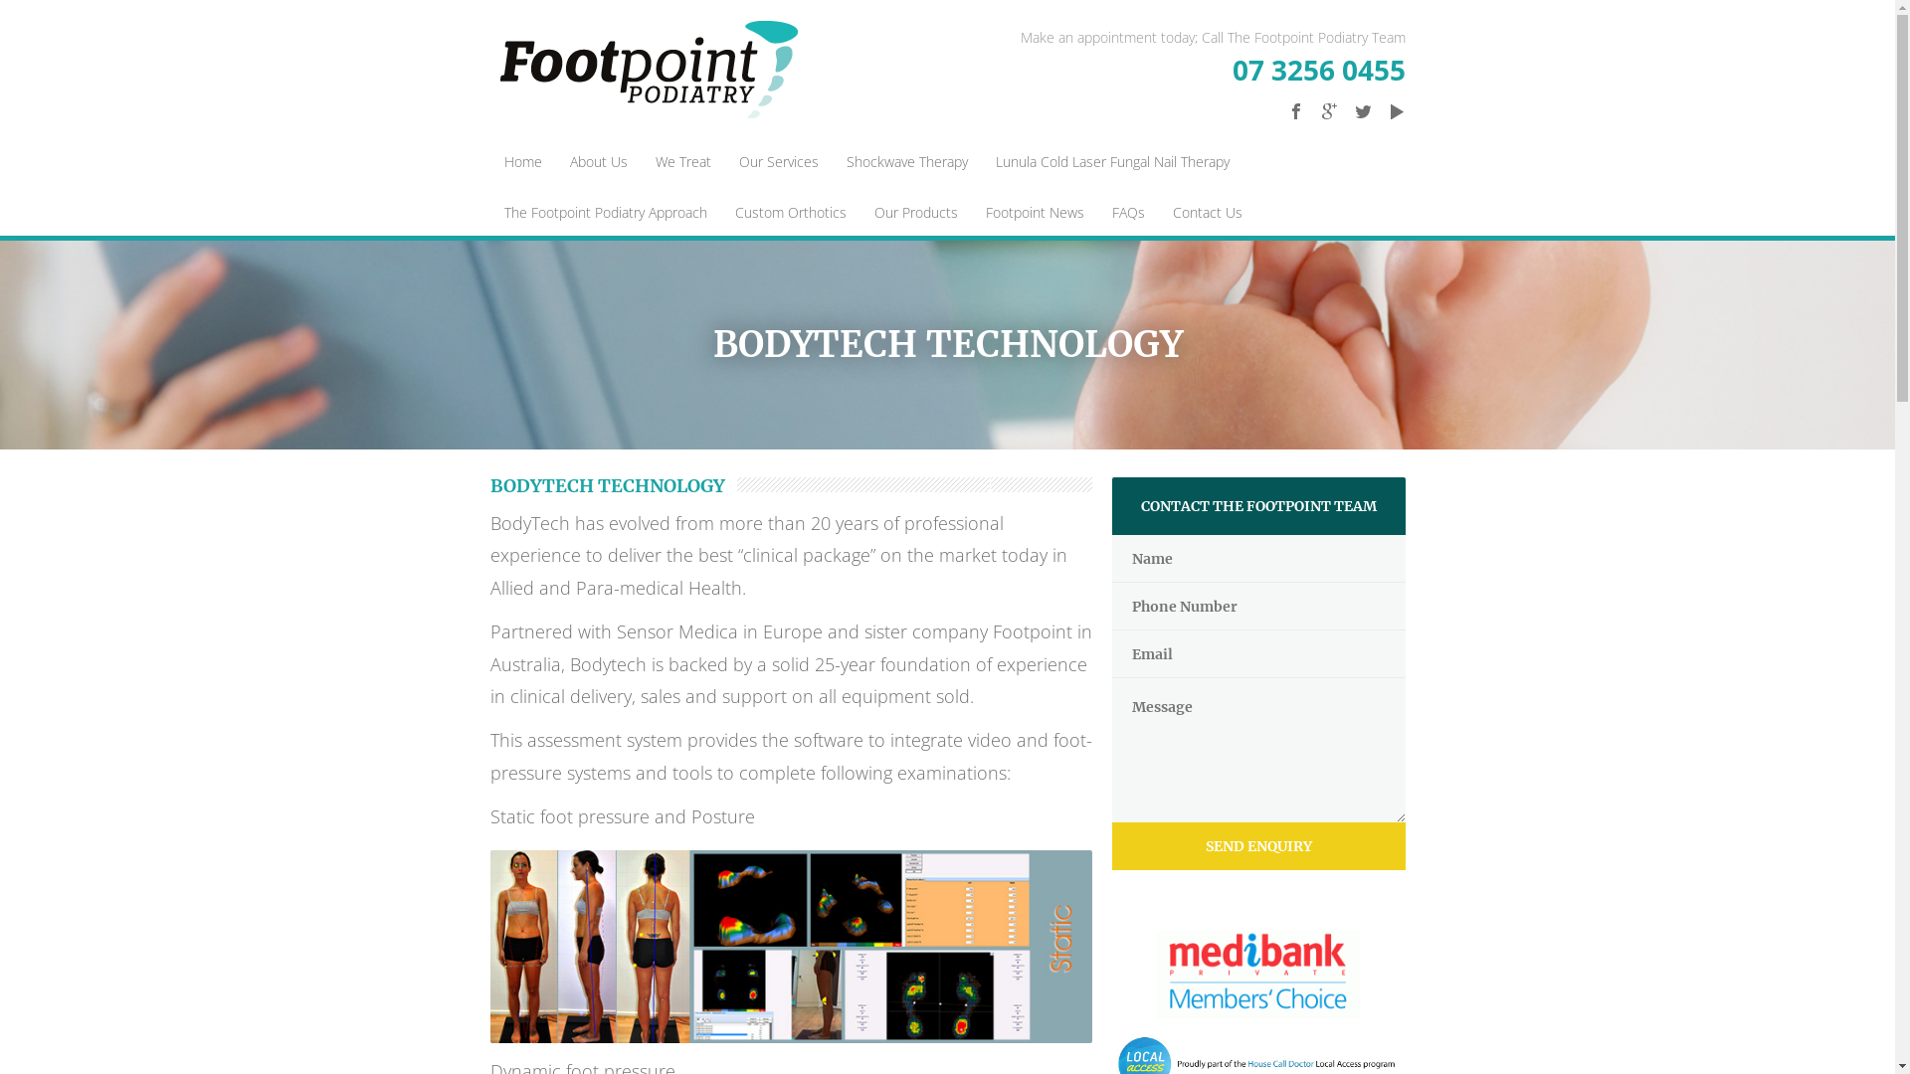 The height and width of the screenshot is (1074, 1910). I want to click on 'Youtube', so click(1395, 110).